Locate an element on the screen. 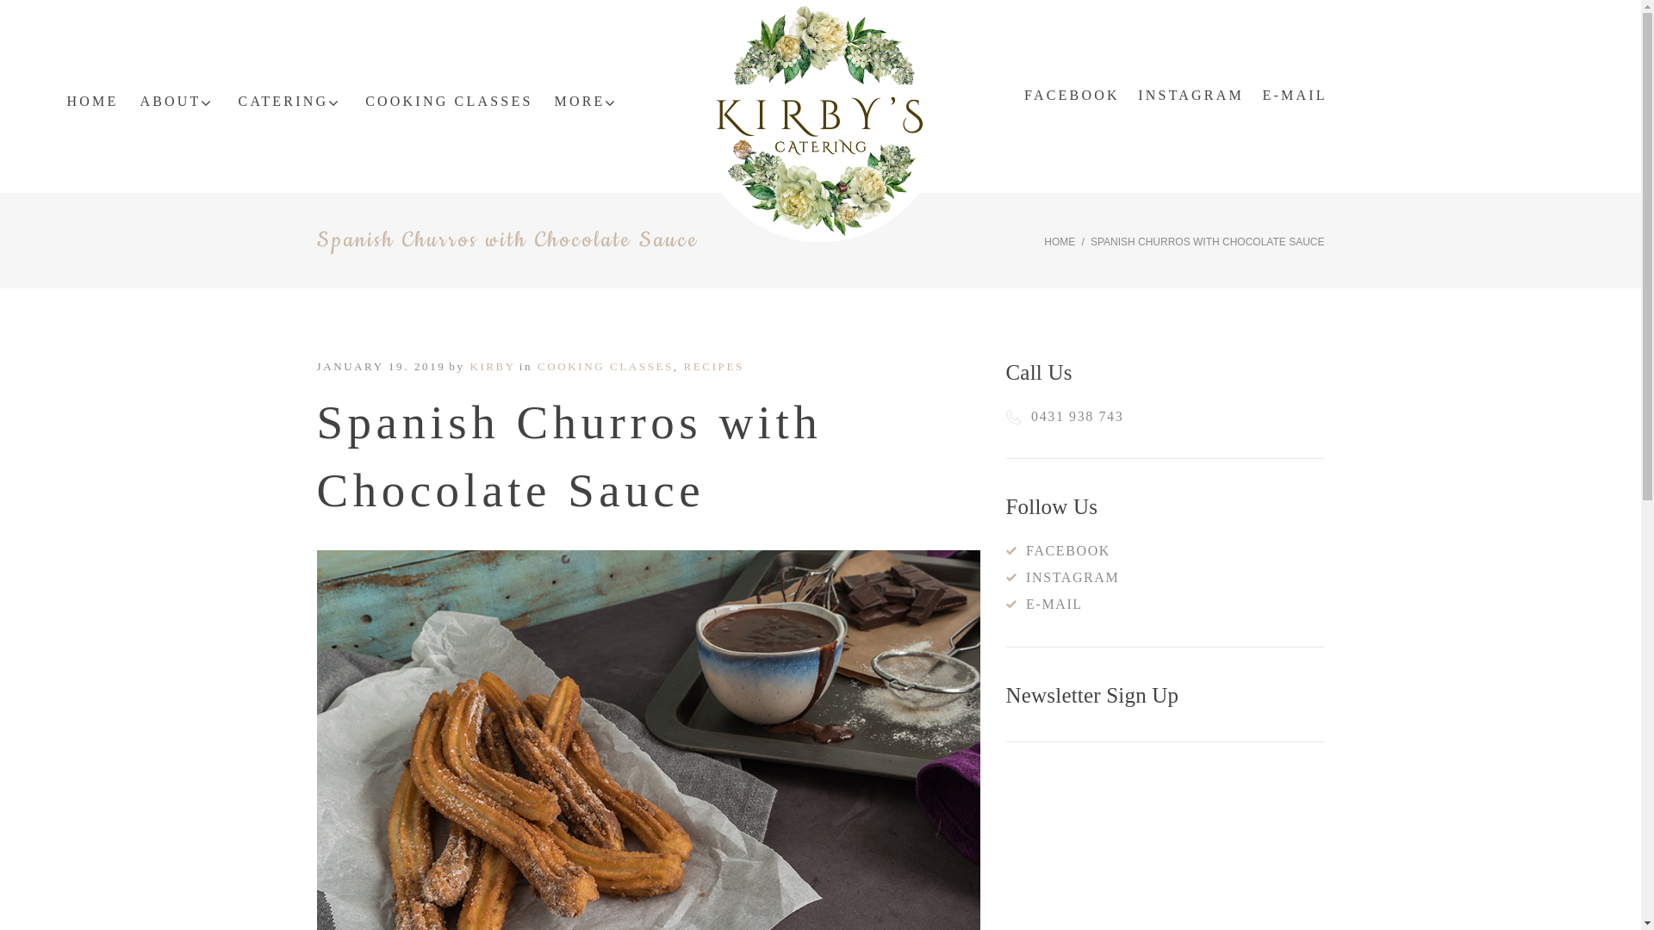 The height and width of the screenshot is (930, 1654). 'RECIPES' is located at coordinates (714, 365).